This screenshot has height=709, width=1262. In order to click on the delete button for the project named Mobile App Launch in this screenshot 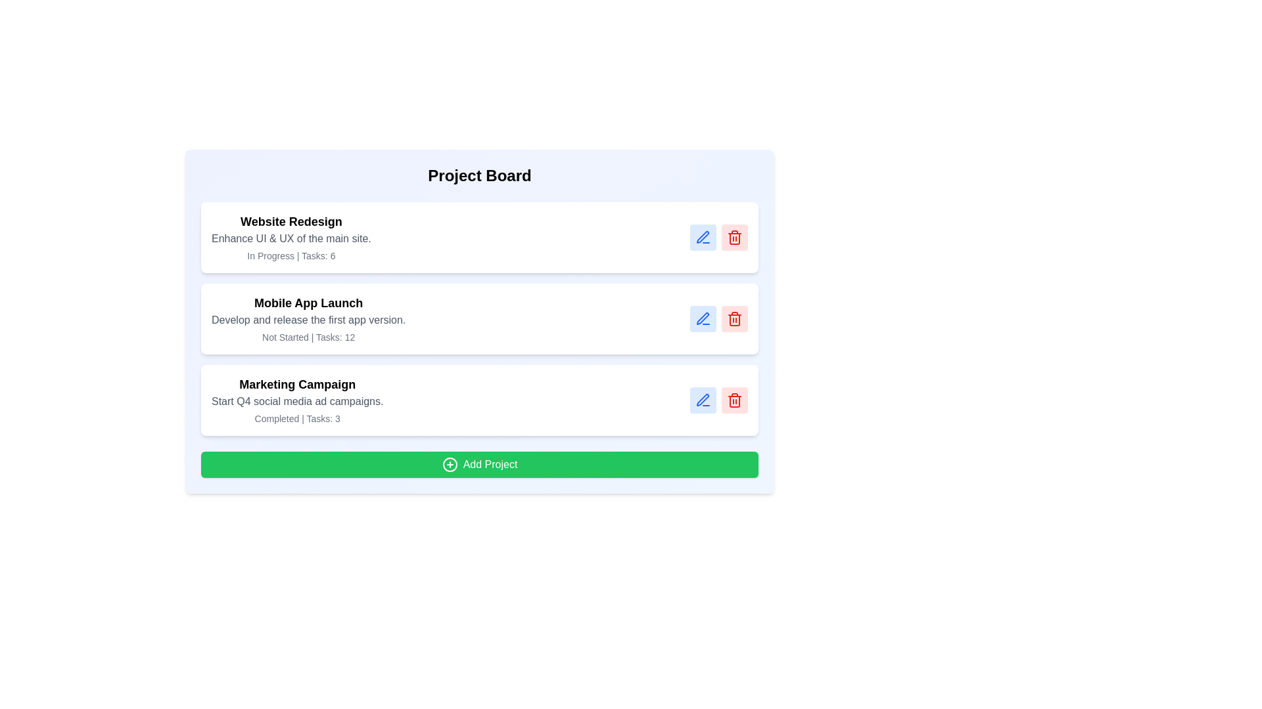, I will do `click(734, 319)`.